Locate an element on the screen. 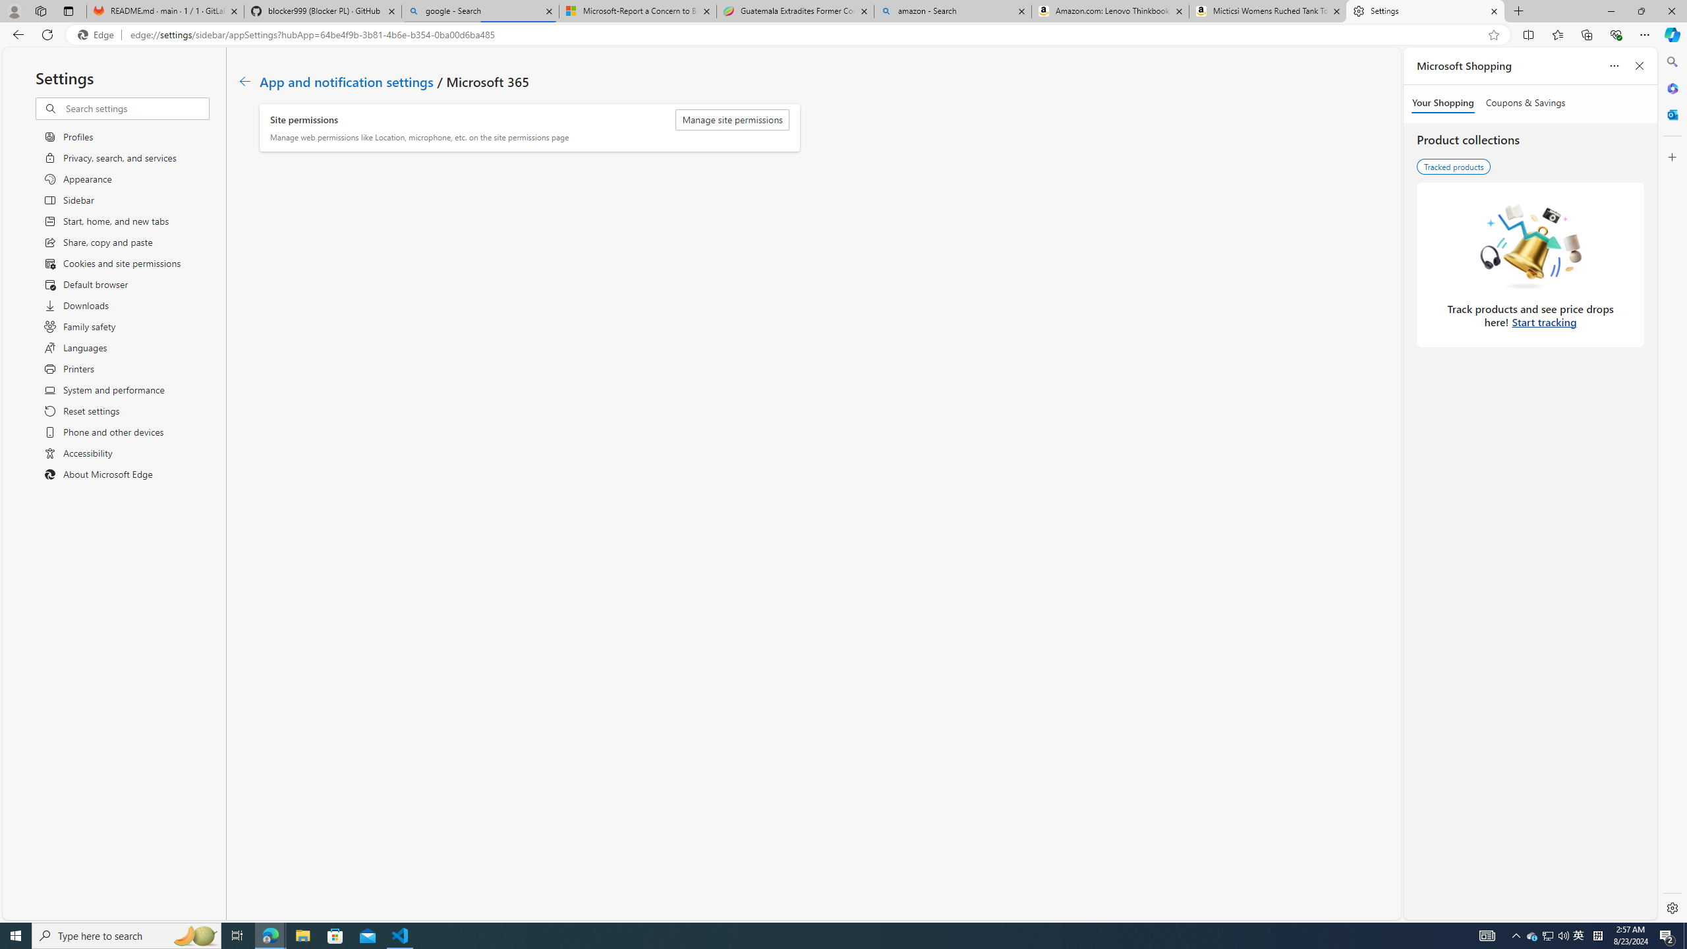  'Class: c01182' is located at coordinates (244, 80).